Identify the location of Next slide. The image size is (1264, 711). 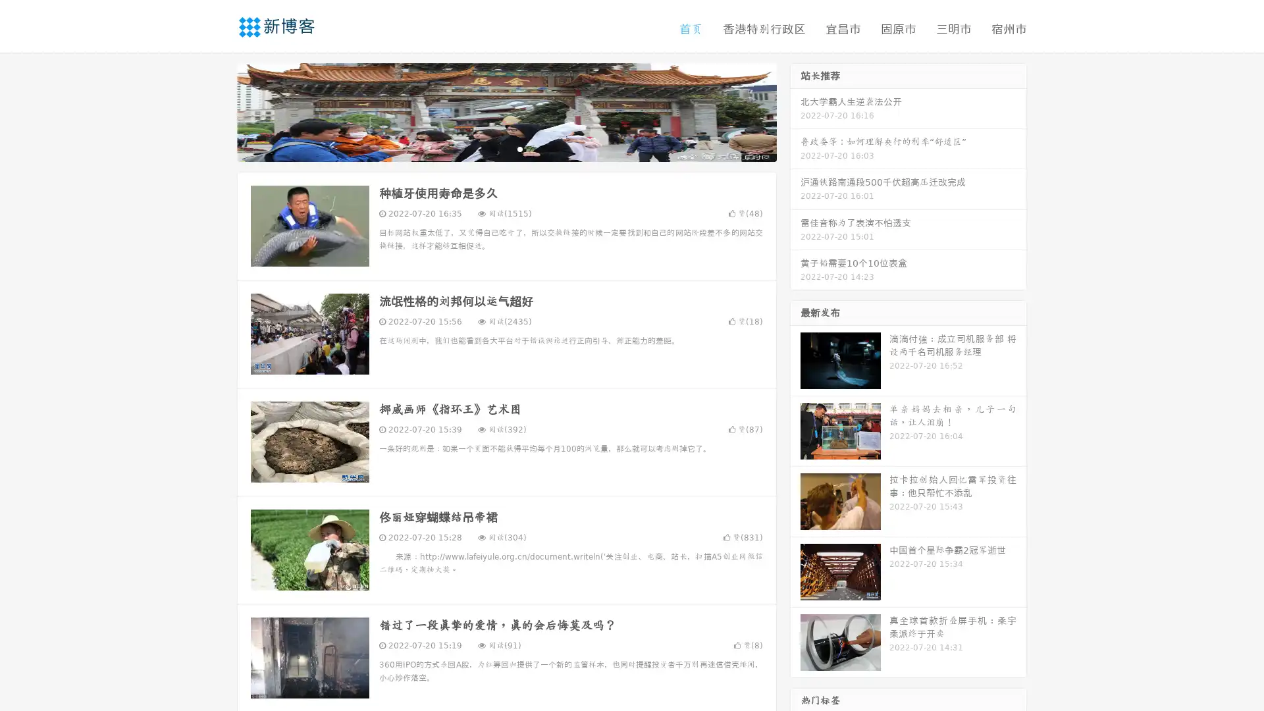
(795, 111).